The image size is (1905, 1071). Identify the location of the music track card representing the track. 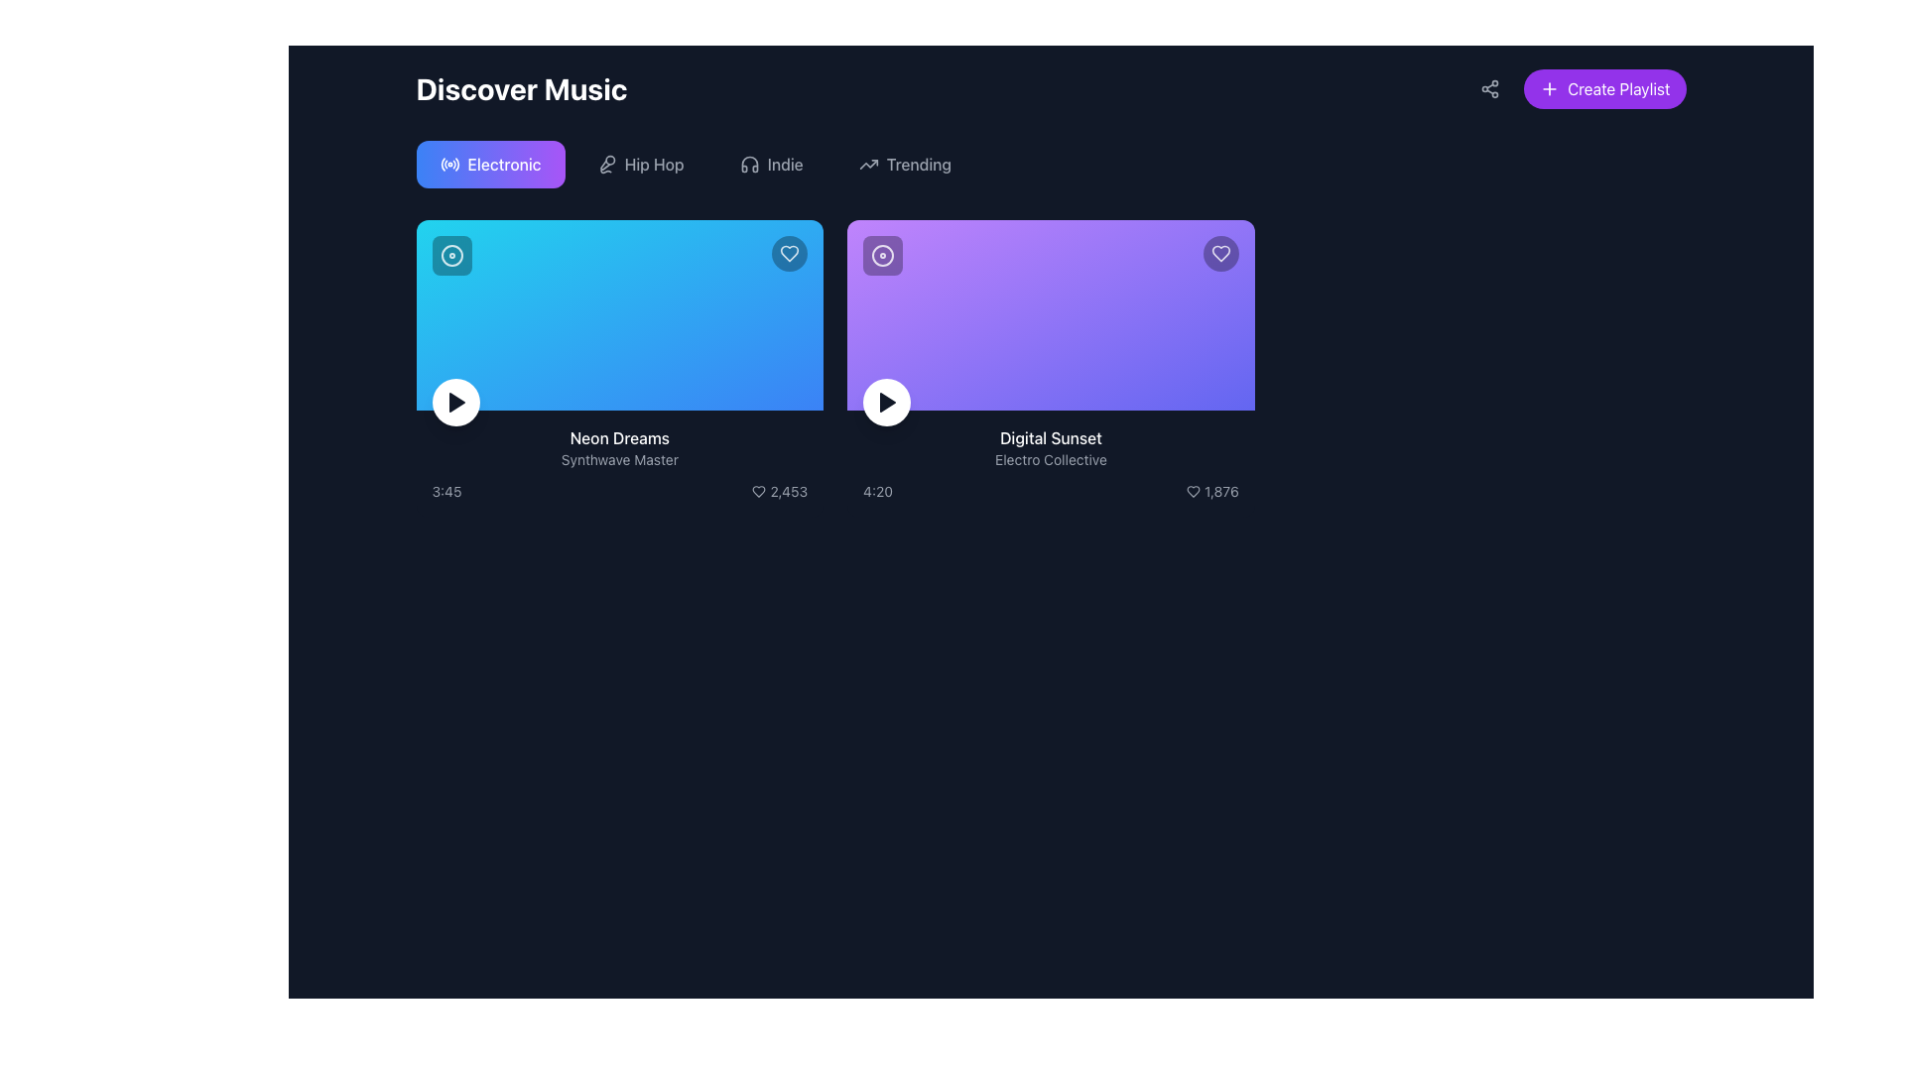
(1050, 368).